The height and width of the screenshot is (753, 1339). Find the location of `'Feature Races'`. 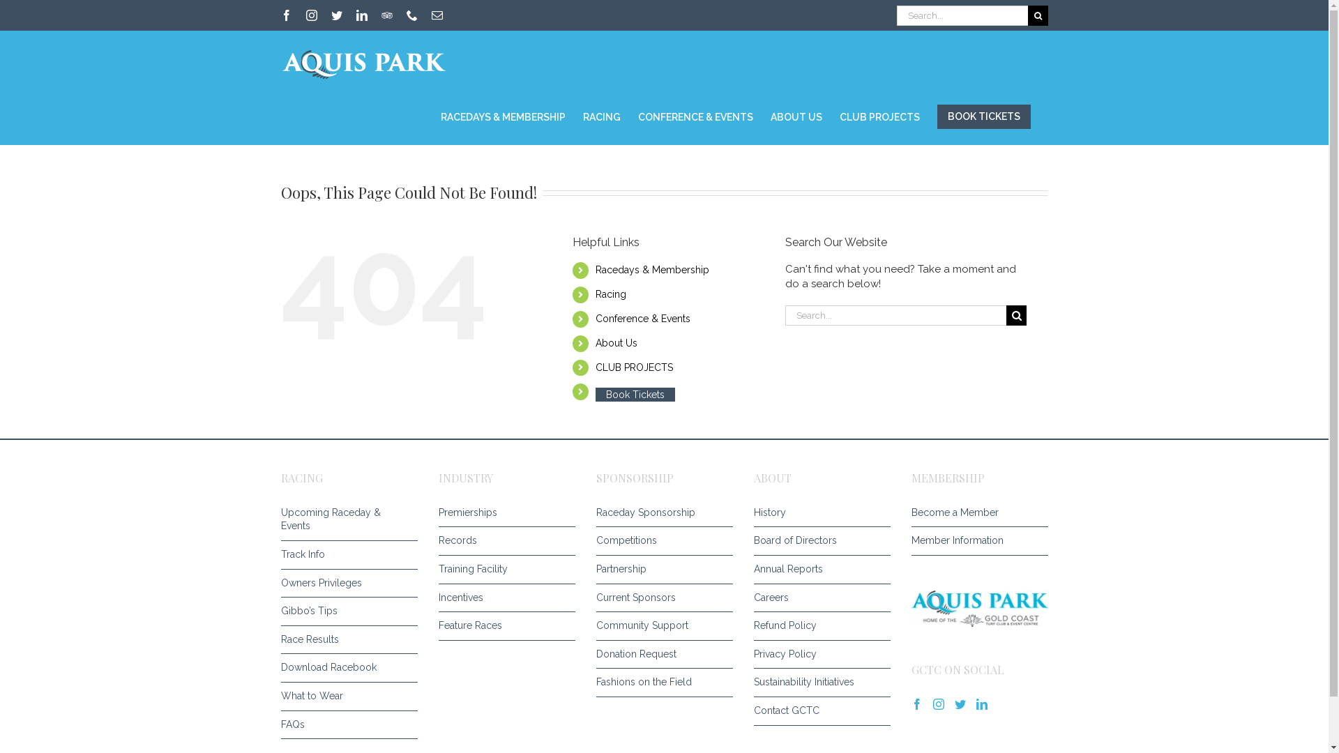

'Feature Races' is located at coordinates (502, 625).